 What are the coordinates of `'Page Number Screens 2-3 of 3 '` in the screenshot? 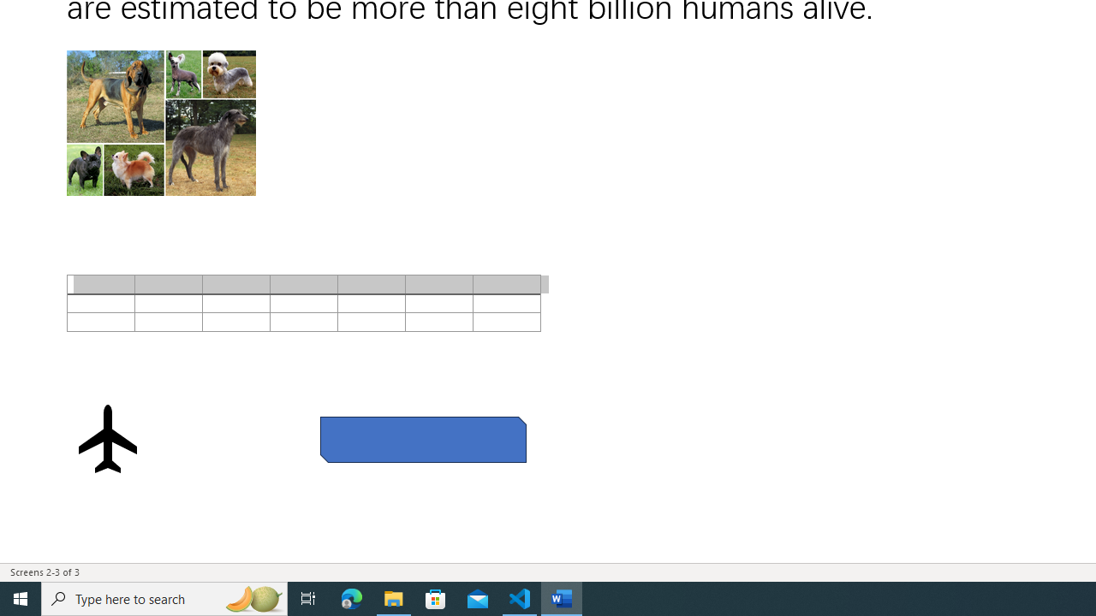 It's located at (45, 572).